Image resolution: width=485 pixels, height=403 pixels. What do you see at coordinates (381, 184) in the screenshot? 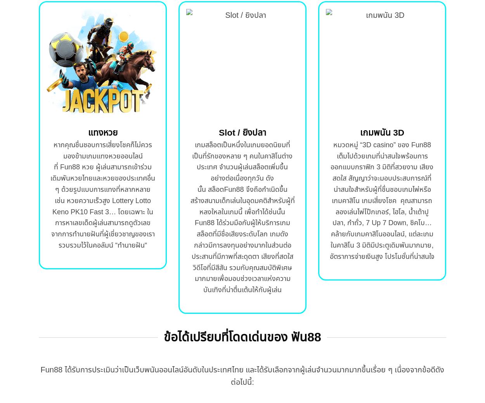
I see `'หมวดหมู่ “3D casino” ของ Fun88 เต็มไปด้วยเกมที่น่าสนใจพร้อมการออกแบบกราฟิก 3 มิติที่สวยงาม เสียงสดใส สัญญาว่าจะมอบประสบการณ์ที่น่าสนใจสำหรับผู้ที่ชื่นชอบเกมไพ่หรือเกมคาสิโน เกมเสี่ยงโชค  คุณสามารถลองเล่นไพ่โป๊กเกอร์, ไฮโล, น้ำเต้าปูปลา, กำถั่ว,'` at bounding box center [381, 184].